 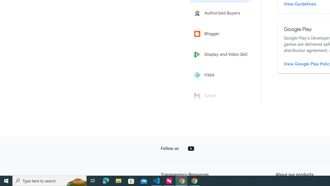 I want to click on 'Display and Video 360', so click(x=222, y=55).